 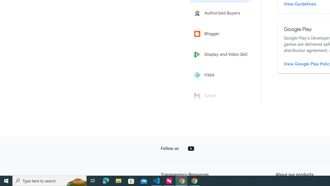 I want to click on 'Display and Video 360', so click(x=222, y=55).